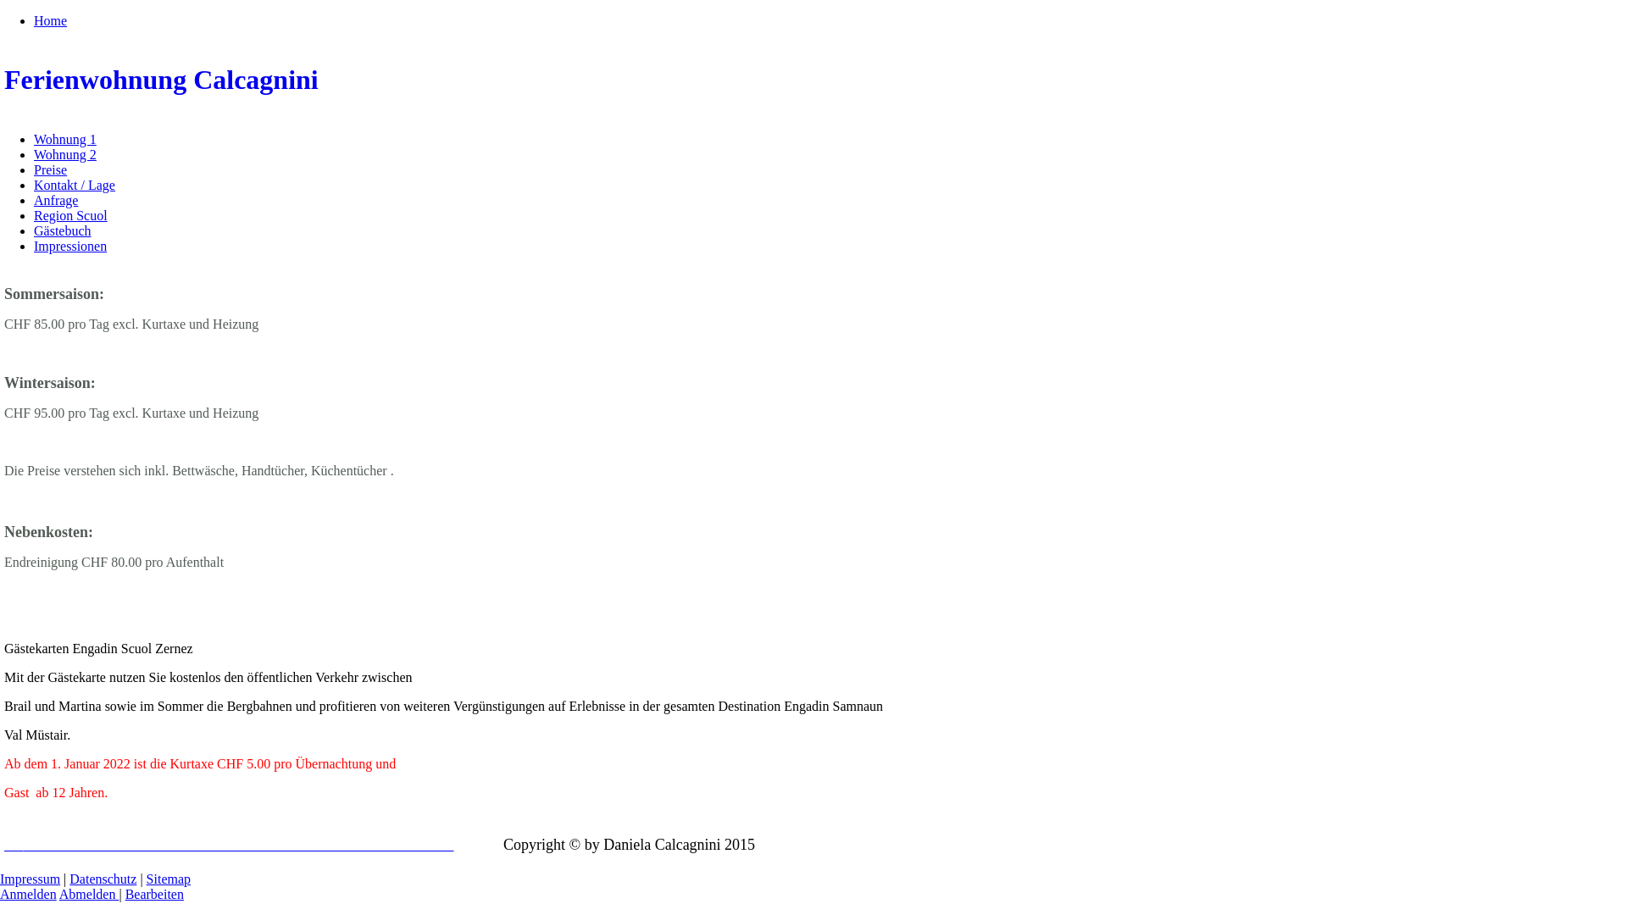 Image resolution: width=1627 pixels, height=915 pixels. Describe the element at coordinates (33, 138) in the screenshot. I see `'Wohnung 1'` at that location.